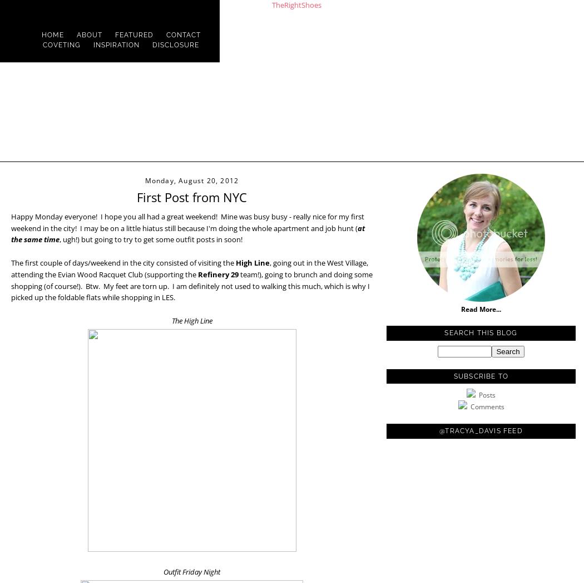  Describe the element at coordinates (191, 572) in the screenshot. I see `'Outfit Friday Night'` at that location.